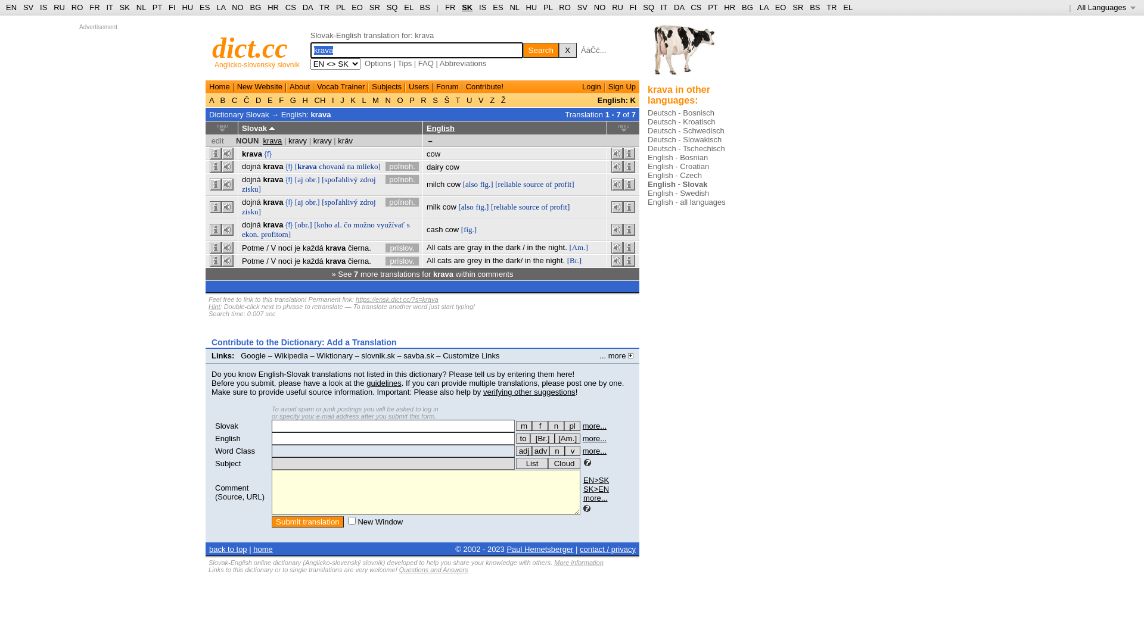 Image resolution: width=1144 pixels, height=643 pixels. What do you see at coordinates (418, 355) in the screenshot?
I see `'savba.sk'` at bounding box center [418, 355].